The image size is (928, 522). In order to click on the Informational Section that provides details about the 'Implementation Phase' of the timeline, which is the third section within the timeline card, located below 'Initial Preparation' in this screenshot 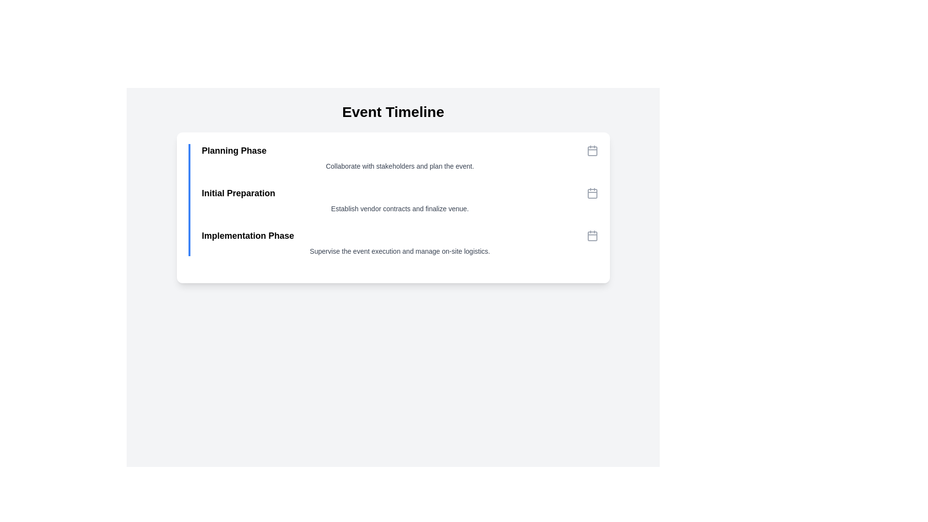, I will do `click(394, 242)`.